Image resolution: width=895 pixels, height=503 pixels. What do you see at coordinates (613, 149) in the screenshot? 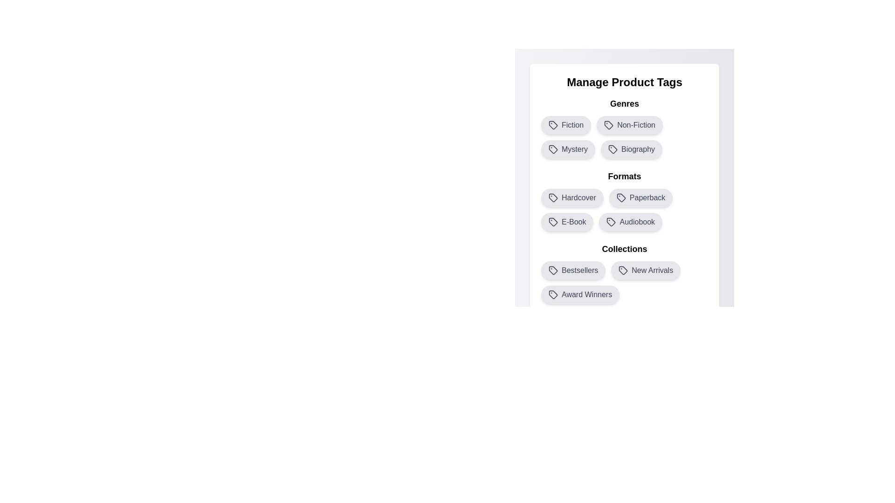
I see `the 'Biography' tag icon` at bounding box center [613, 149].